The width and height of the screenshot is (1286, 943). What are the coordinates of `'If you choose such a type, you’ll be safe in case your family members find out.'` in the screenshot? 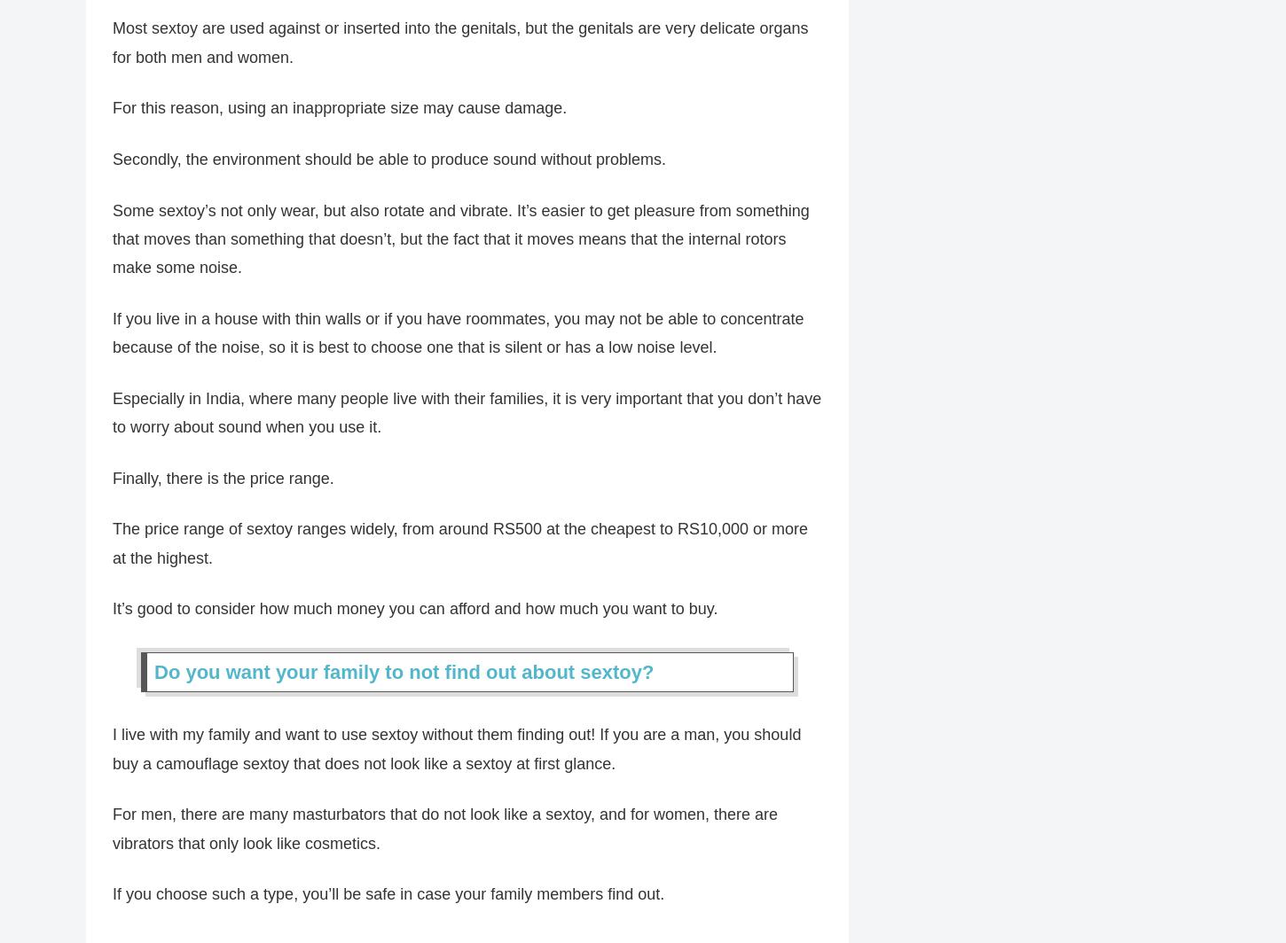 It's located at (388, 903).